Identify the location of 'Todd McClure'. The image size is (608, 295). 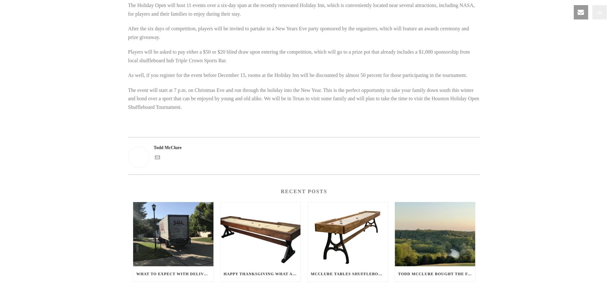
(167, 147).